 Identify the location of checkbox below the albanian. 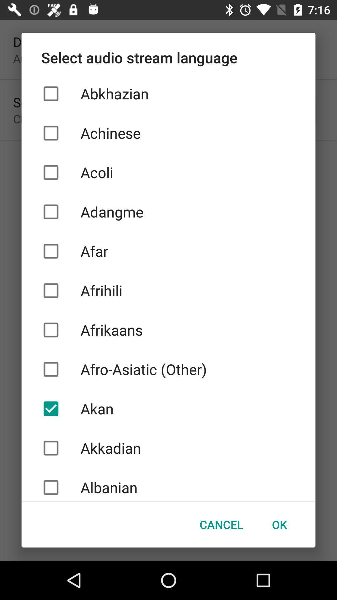
(221, 524).